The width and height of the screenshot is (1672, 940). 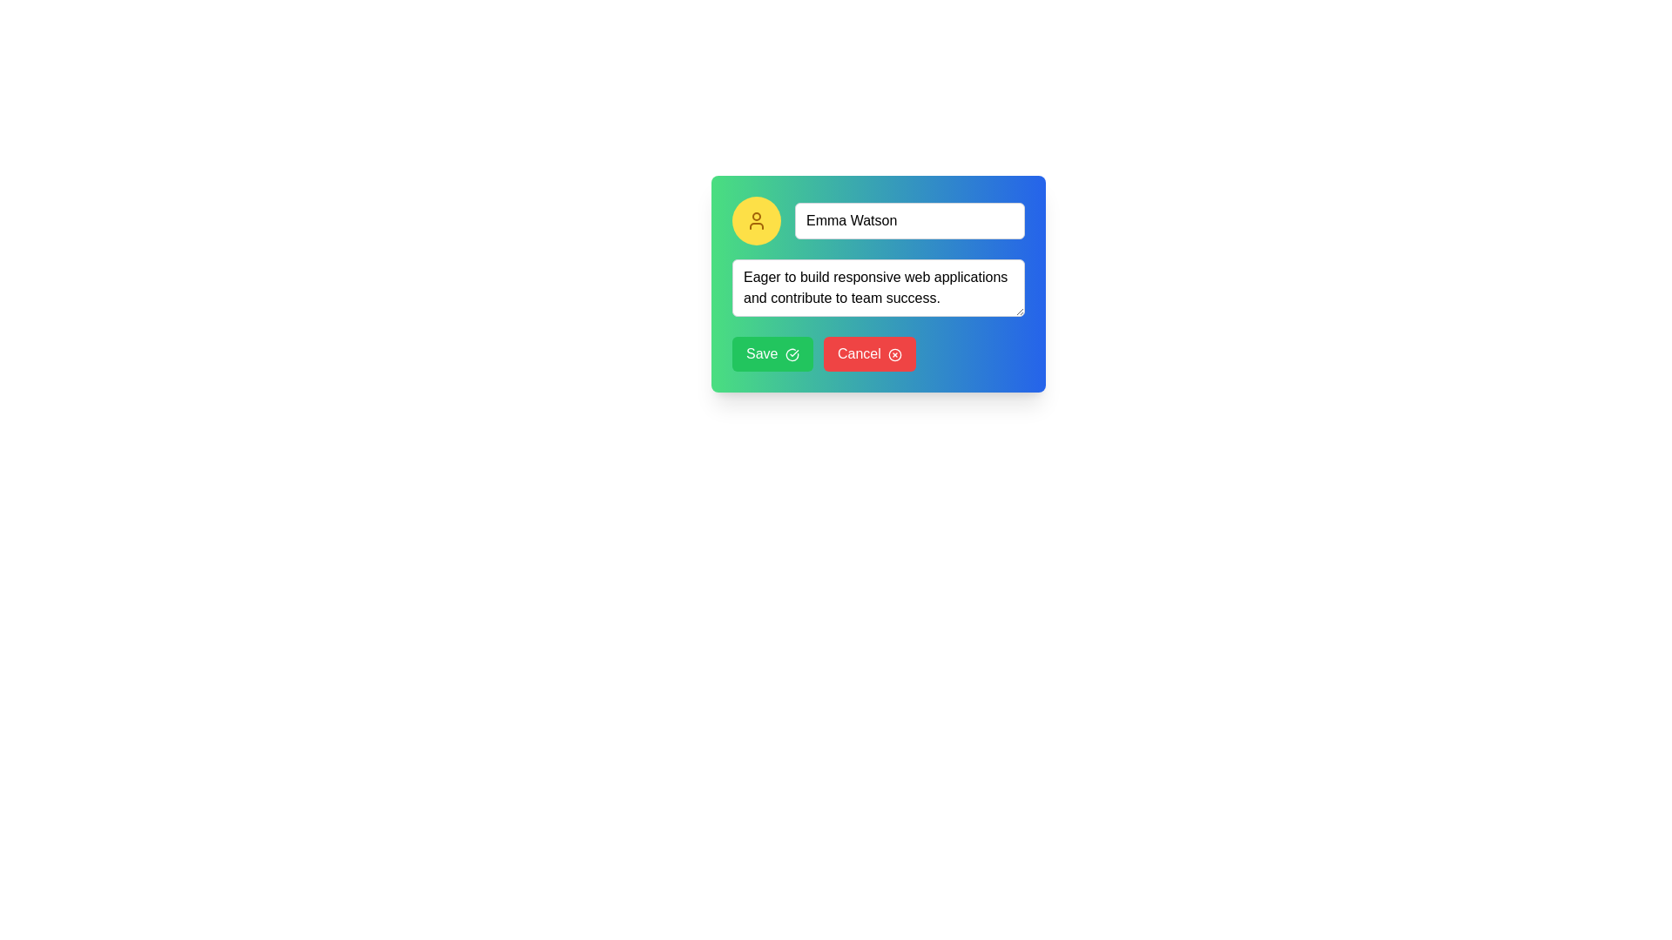 I want to click on the user profile icon represented by a yellow circular area located to the left of the text input field displaying 'Emma Watson', so click(x=756, y=220).